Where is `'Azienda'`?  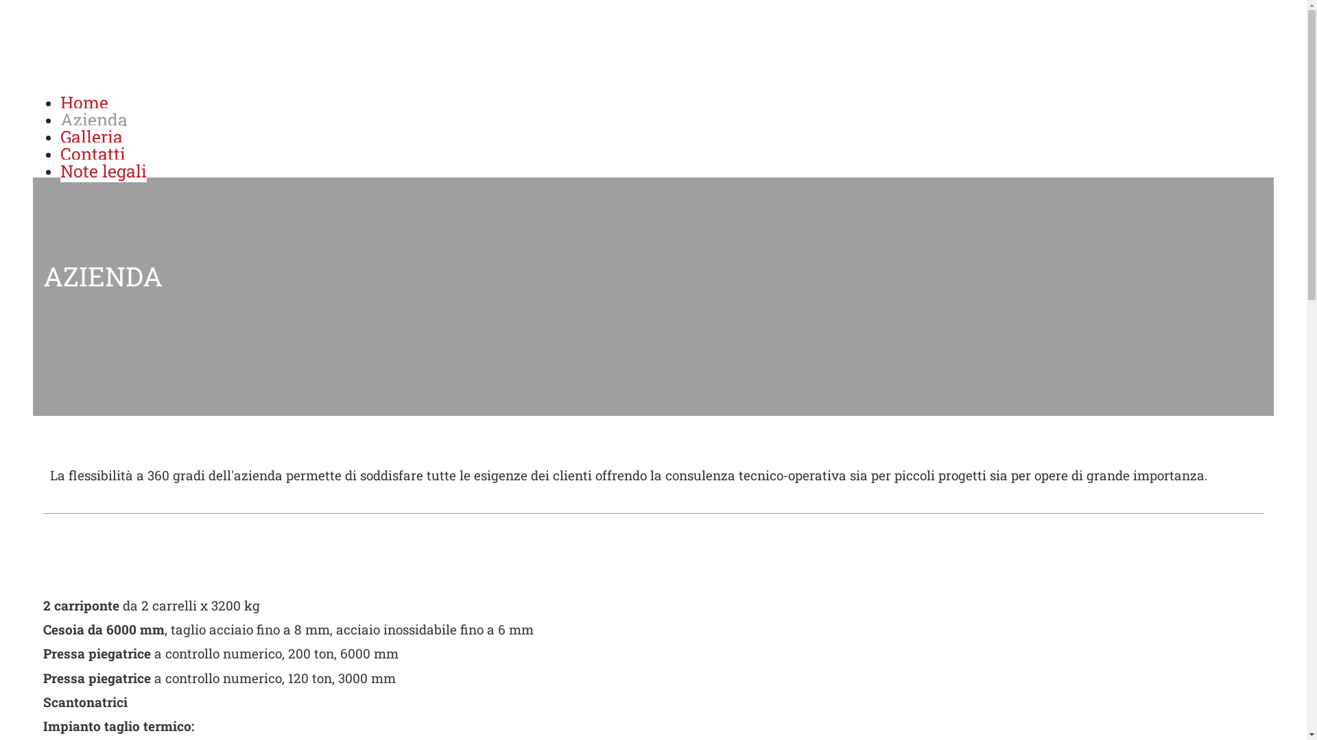
'Azienda' is located at coordinates (93, 119).